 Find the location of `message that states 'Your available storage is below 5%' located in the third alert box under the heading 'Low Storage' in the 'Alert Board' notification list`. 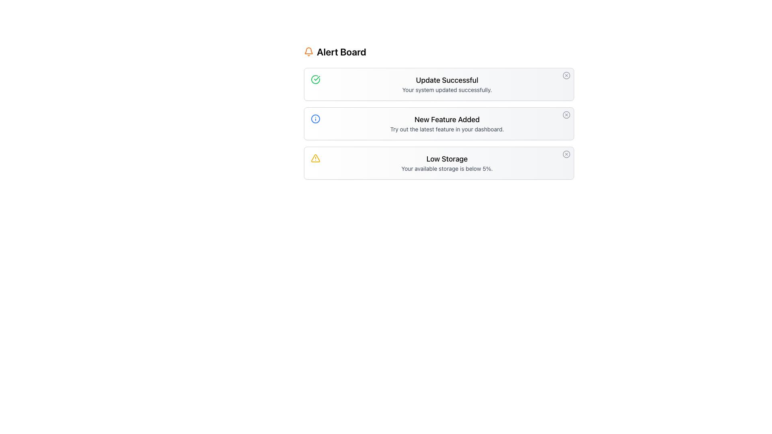

message that states 'Your available storage is below 5%' located in the third alert box under the heading 'Low Storage' in the 'Alert Board' notification list is located at coordinates (447, 168).